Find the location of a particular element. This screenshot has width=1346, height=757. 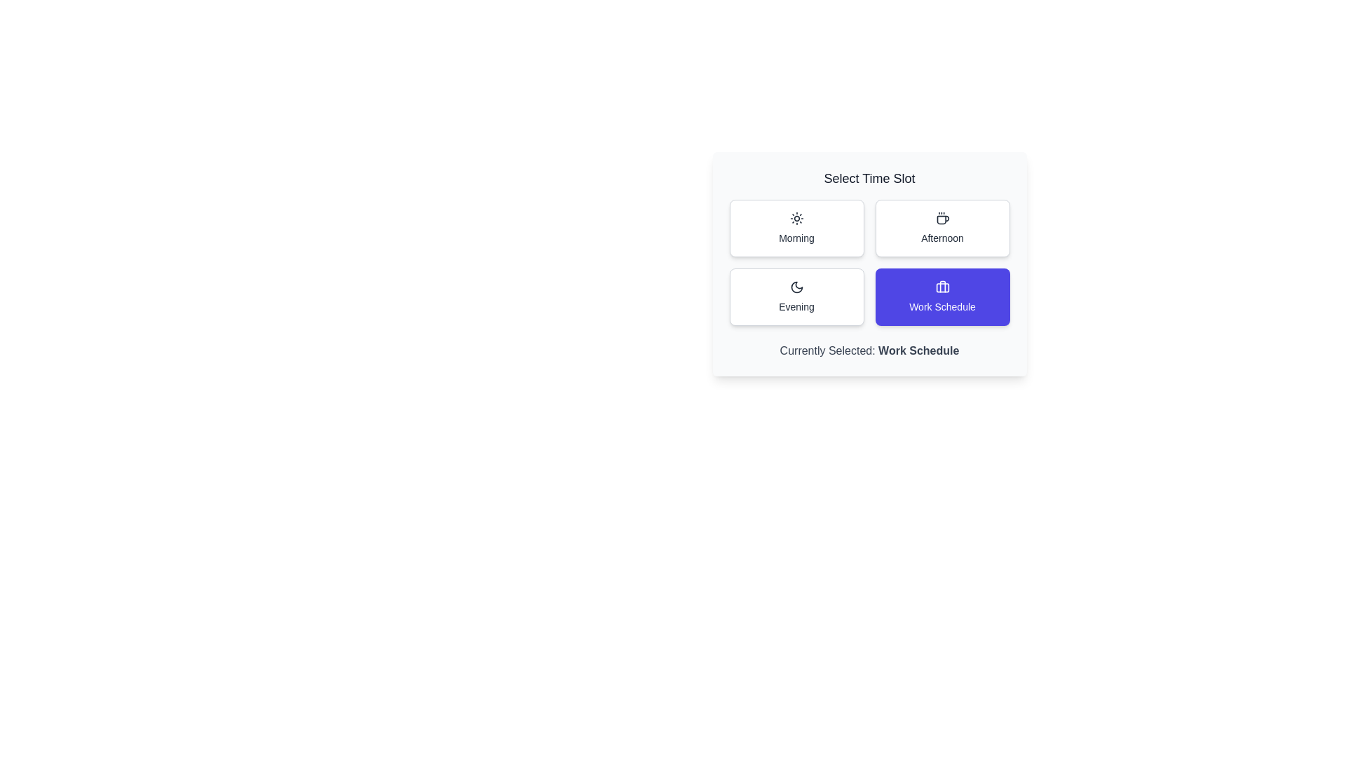

the time slot by clicking on the button labeled Morning is located at coordinates (796, 228).